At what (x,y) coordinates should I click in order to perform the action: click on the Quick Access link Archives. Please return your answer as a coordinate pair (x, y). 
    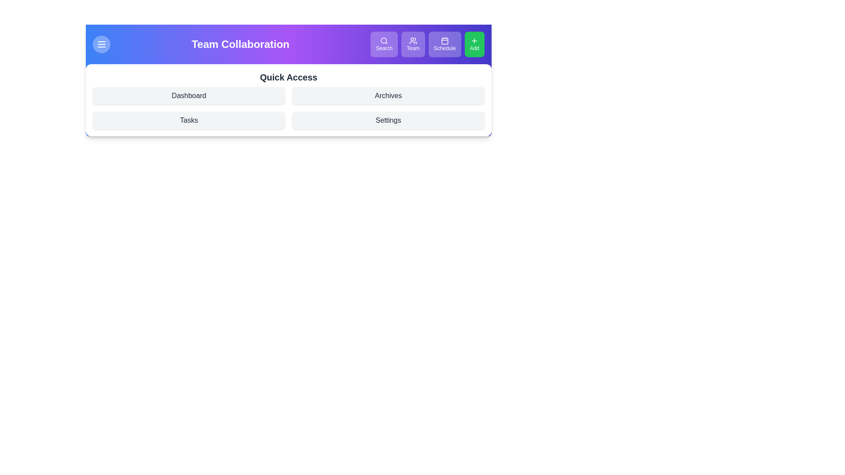
    Looking at the image, I should click on (388, 96).